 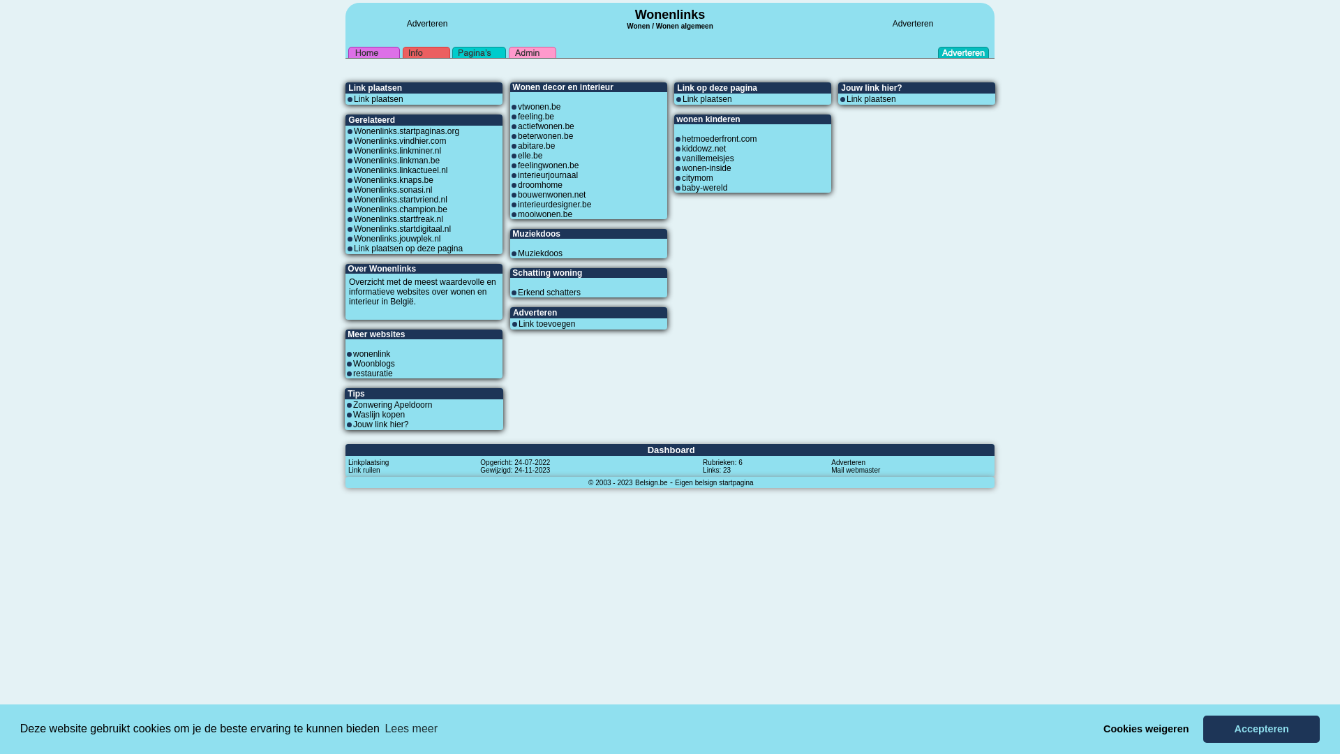 I want to click on 'interieurdesigner.be', so click(x=553, y=205).